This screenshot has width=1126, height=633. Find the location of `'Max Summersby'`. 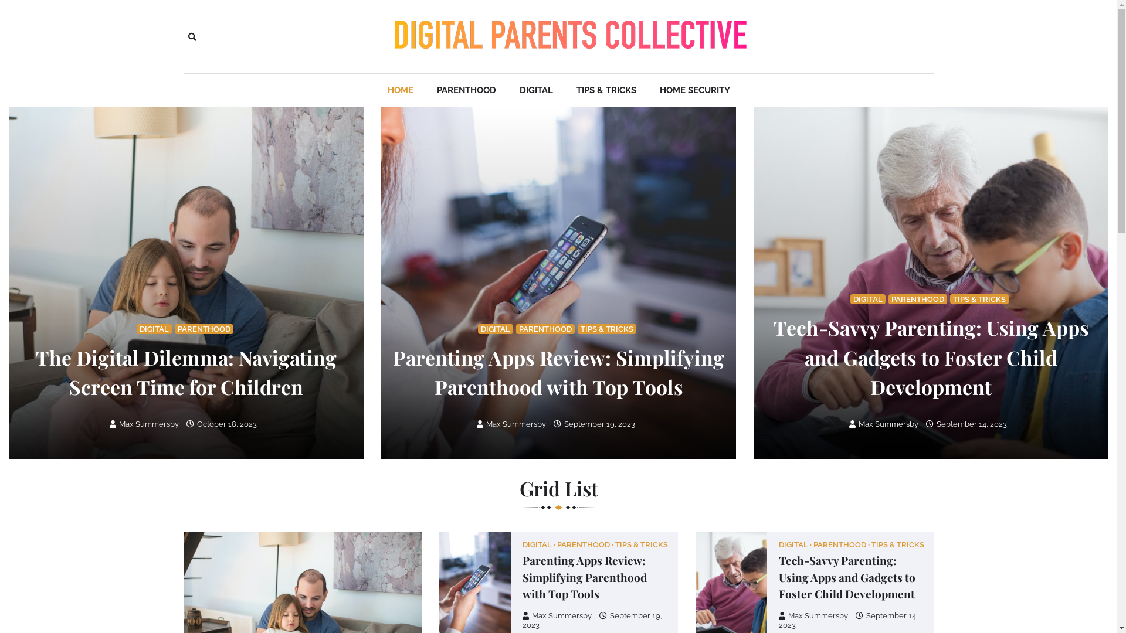

'Max Summersby' is located at coordinates (110, 424).